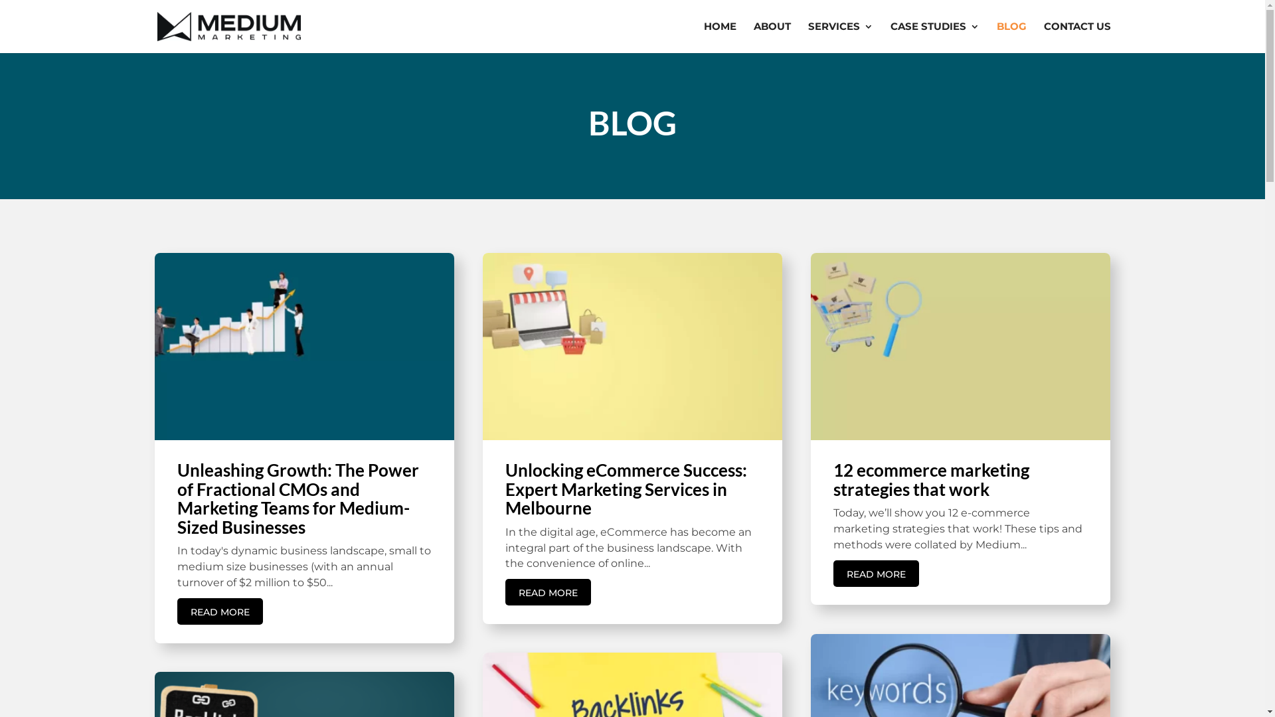  What do you see at coordinates (752, 37) in the screenshot?
I see `'ABOUT'` at bounding box center [752, 37].